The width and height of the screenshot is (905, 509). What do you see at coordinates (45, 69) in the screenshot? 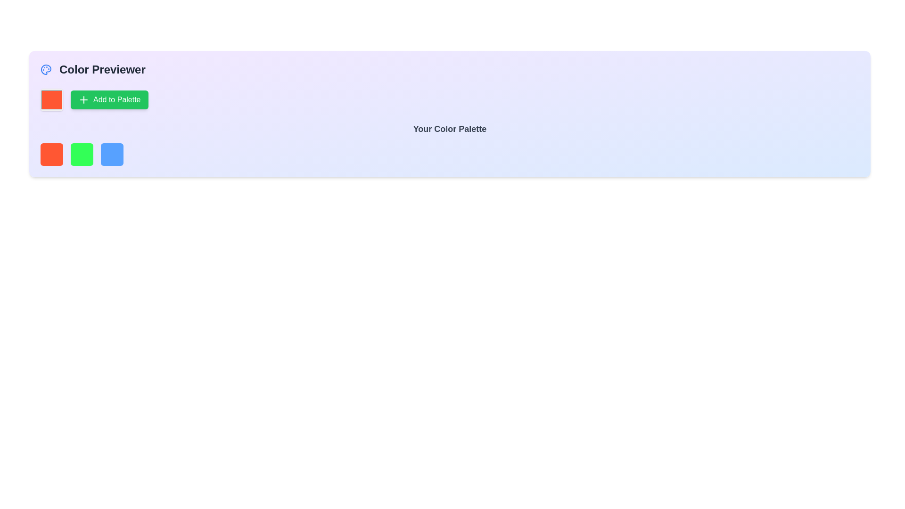
I see `blue-bordered painter's palette icon located in the 'Color Previewer' header section for contextual meaning` at bounding box center [45, 69].